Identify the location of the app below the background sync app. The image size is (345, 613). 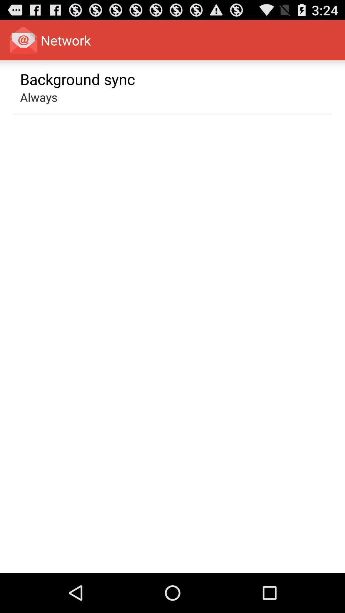
(39, 97).